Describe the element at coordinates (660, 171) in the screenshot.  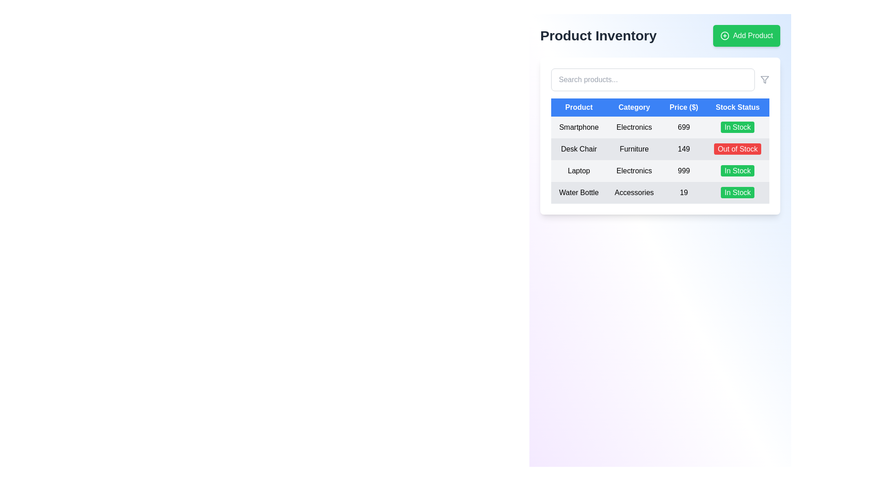
I see `the third row of the product inventory table displaying information about the 'Laptop' product` at that location.